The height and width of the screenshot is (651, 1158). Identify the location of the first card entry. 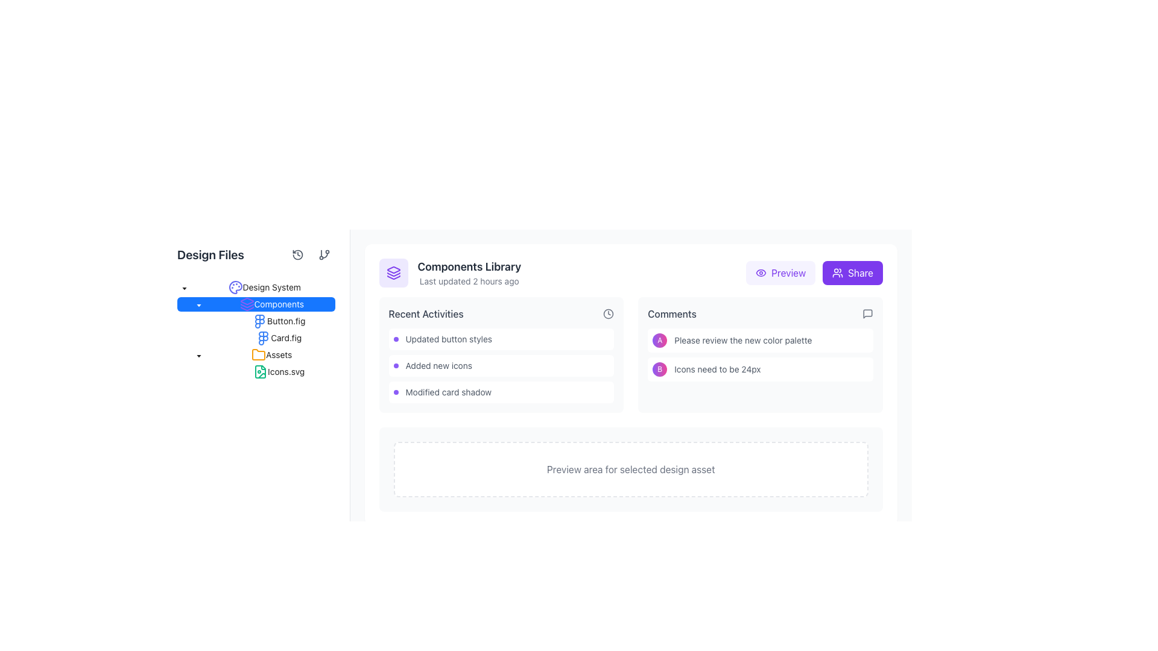
(501, 339).